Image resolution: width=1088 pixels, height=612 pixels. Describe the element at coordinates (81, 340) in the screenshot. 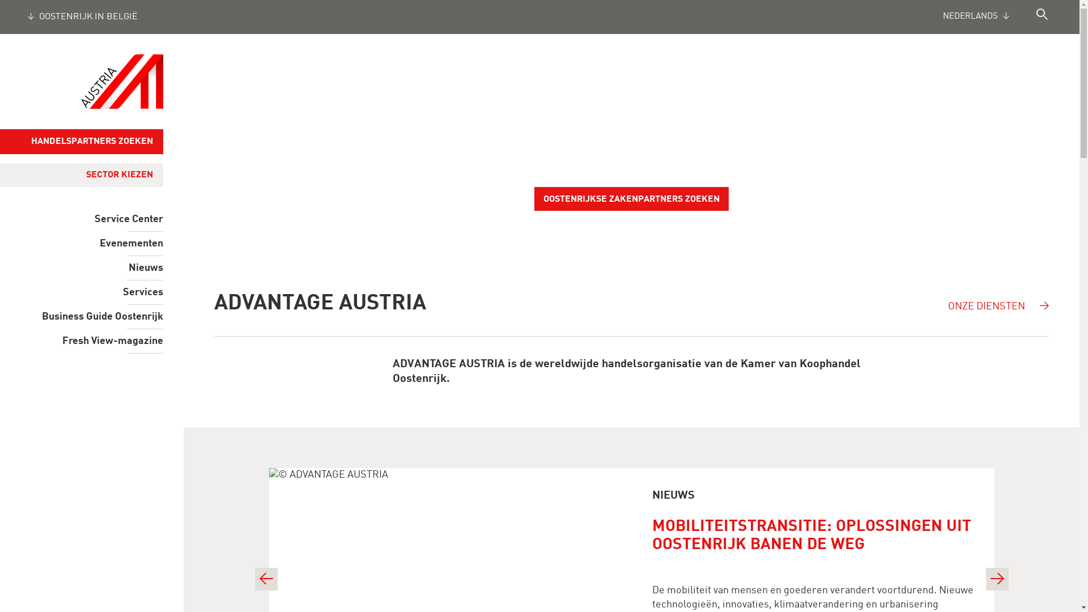

I see `'Fresh View-magazine'` at that location.